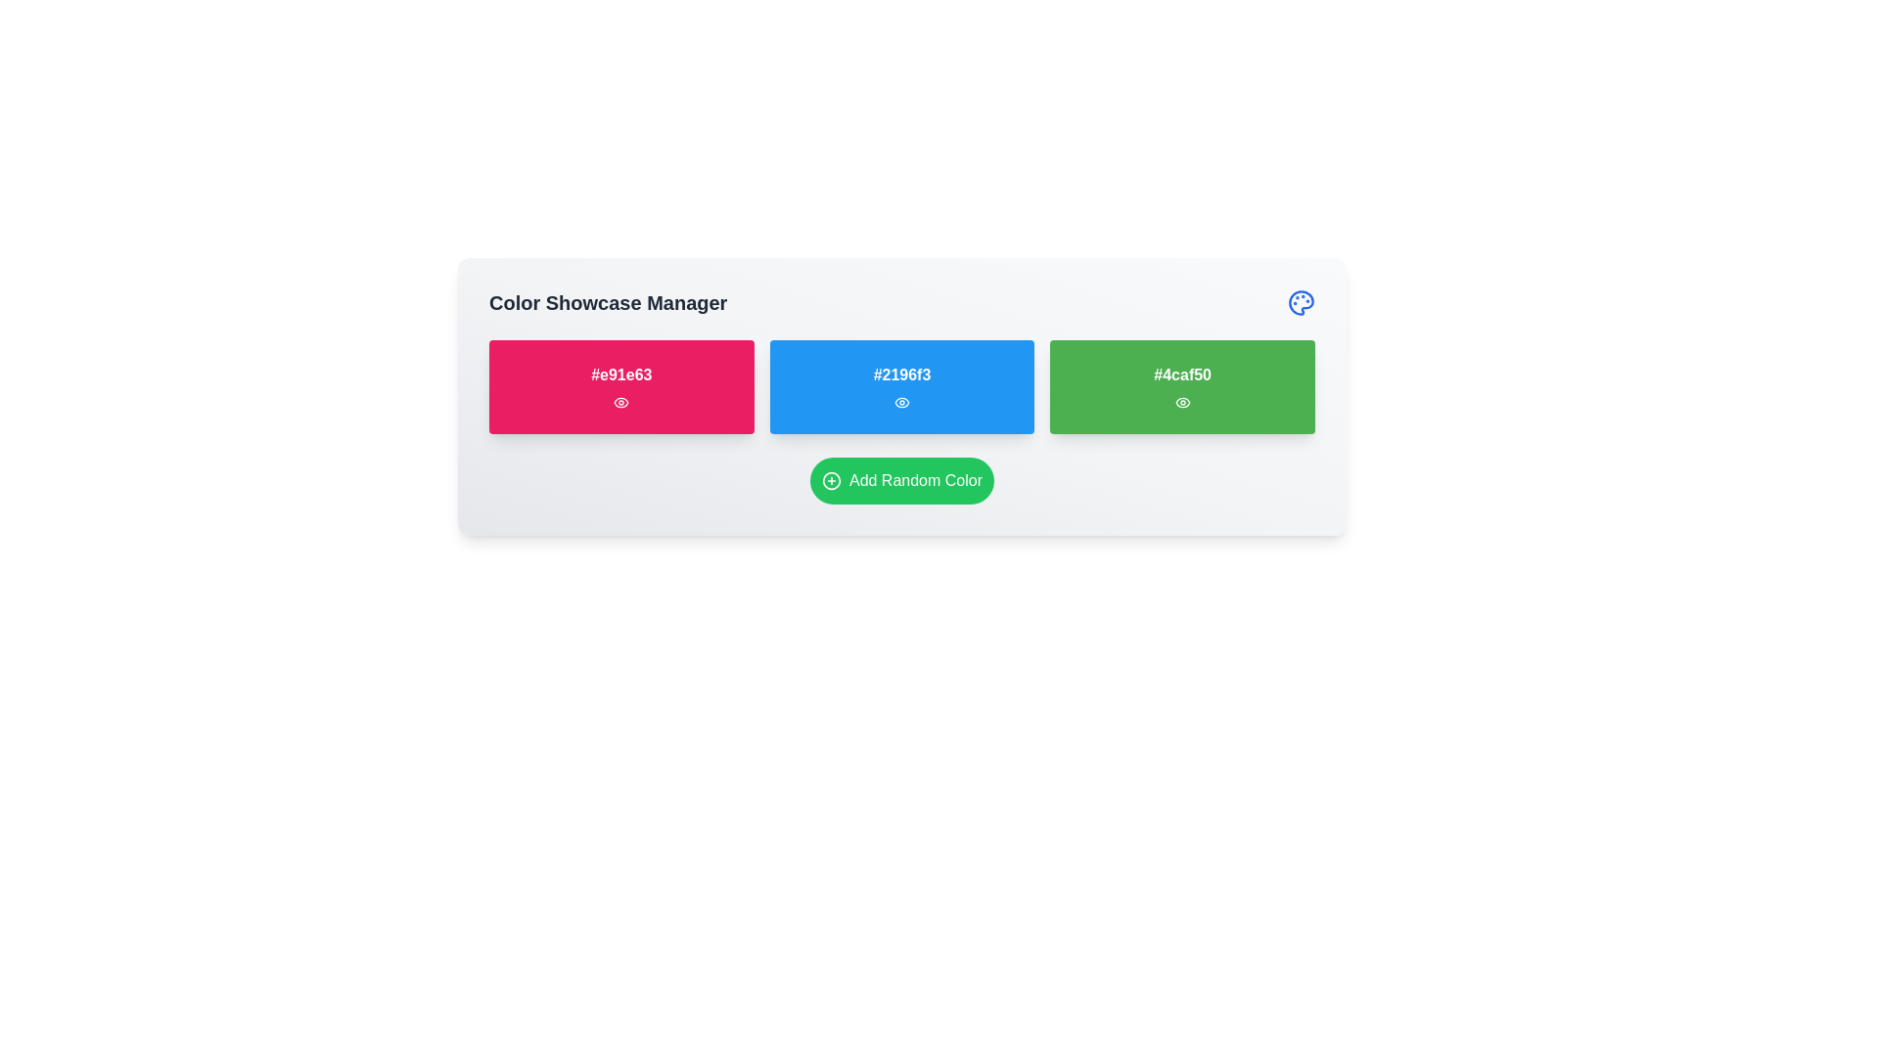 The height and width of the screenshot is (1056, 1879). What do you see at coordinates (1181, 387) in the screenshot?
I see `the Color Display Tile, which is the third tile in a horizontal row` at bounding box center [1181, 387].